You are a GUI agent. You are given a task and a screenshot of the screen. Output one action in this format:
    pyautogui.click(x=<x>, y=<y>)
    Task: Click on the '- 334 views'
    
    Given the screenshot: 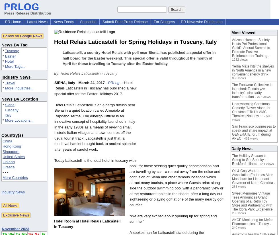 What is the action you would take?
    pyautogui.click(x=265, y=164)
    